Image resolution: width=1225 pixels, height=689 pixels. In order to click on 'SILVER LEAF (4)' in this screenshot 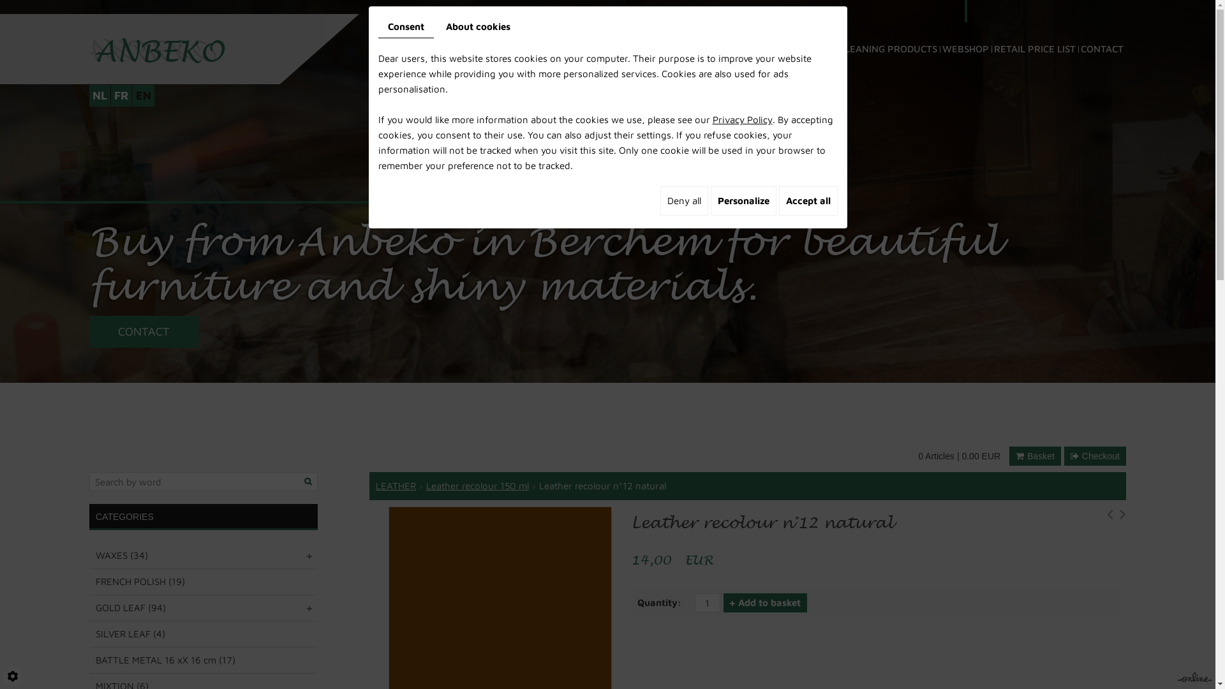, I will do `click(202, 634)`.